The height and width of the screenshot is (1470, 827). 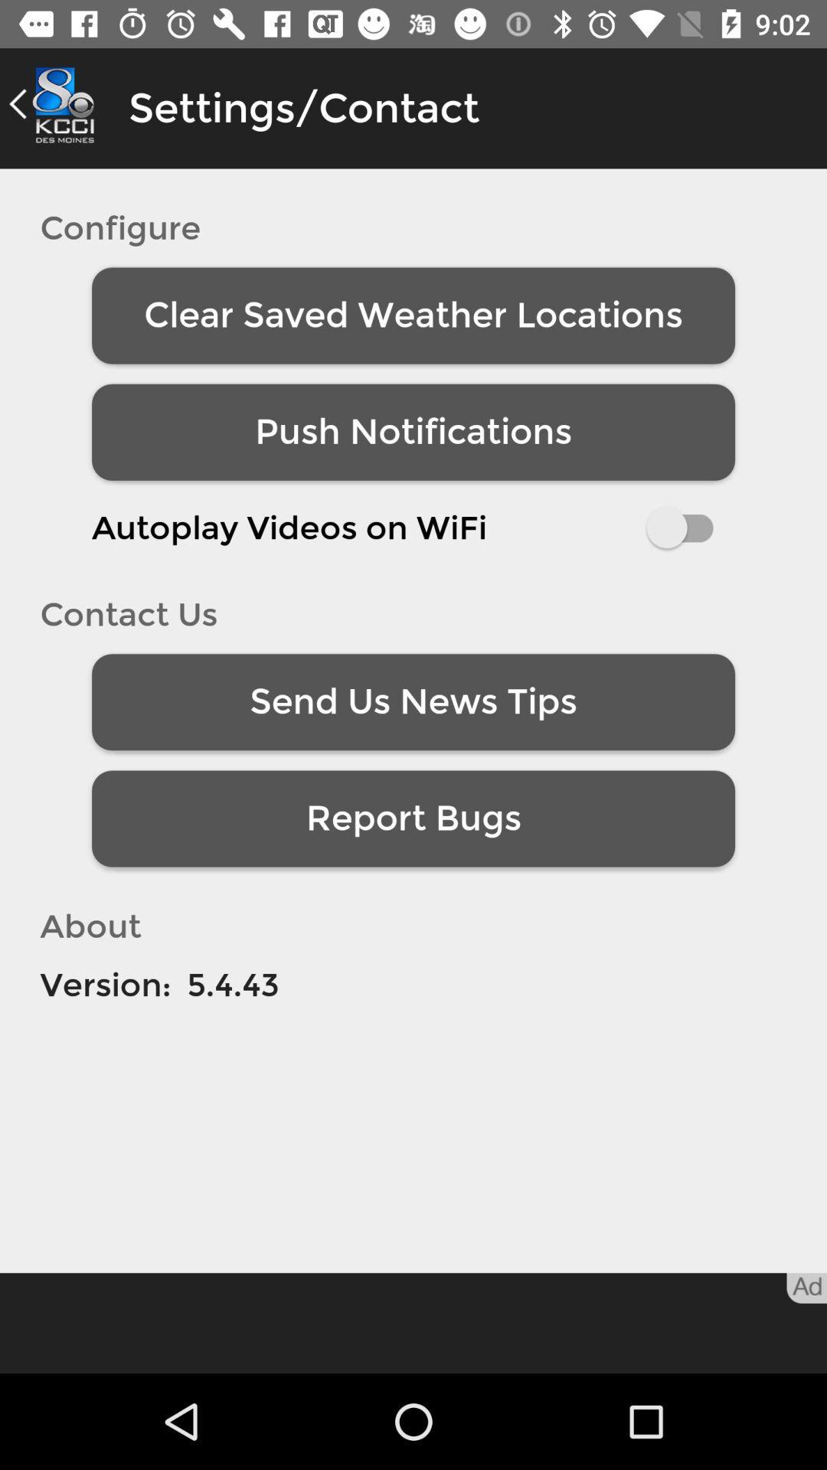 What do you see at coordinates (413, 818) in the screenshot?
I see `the report bugs item` at bounding box center [413, 818].